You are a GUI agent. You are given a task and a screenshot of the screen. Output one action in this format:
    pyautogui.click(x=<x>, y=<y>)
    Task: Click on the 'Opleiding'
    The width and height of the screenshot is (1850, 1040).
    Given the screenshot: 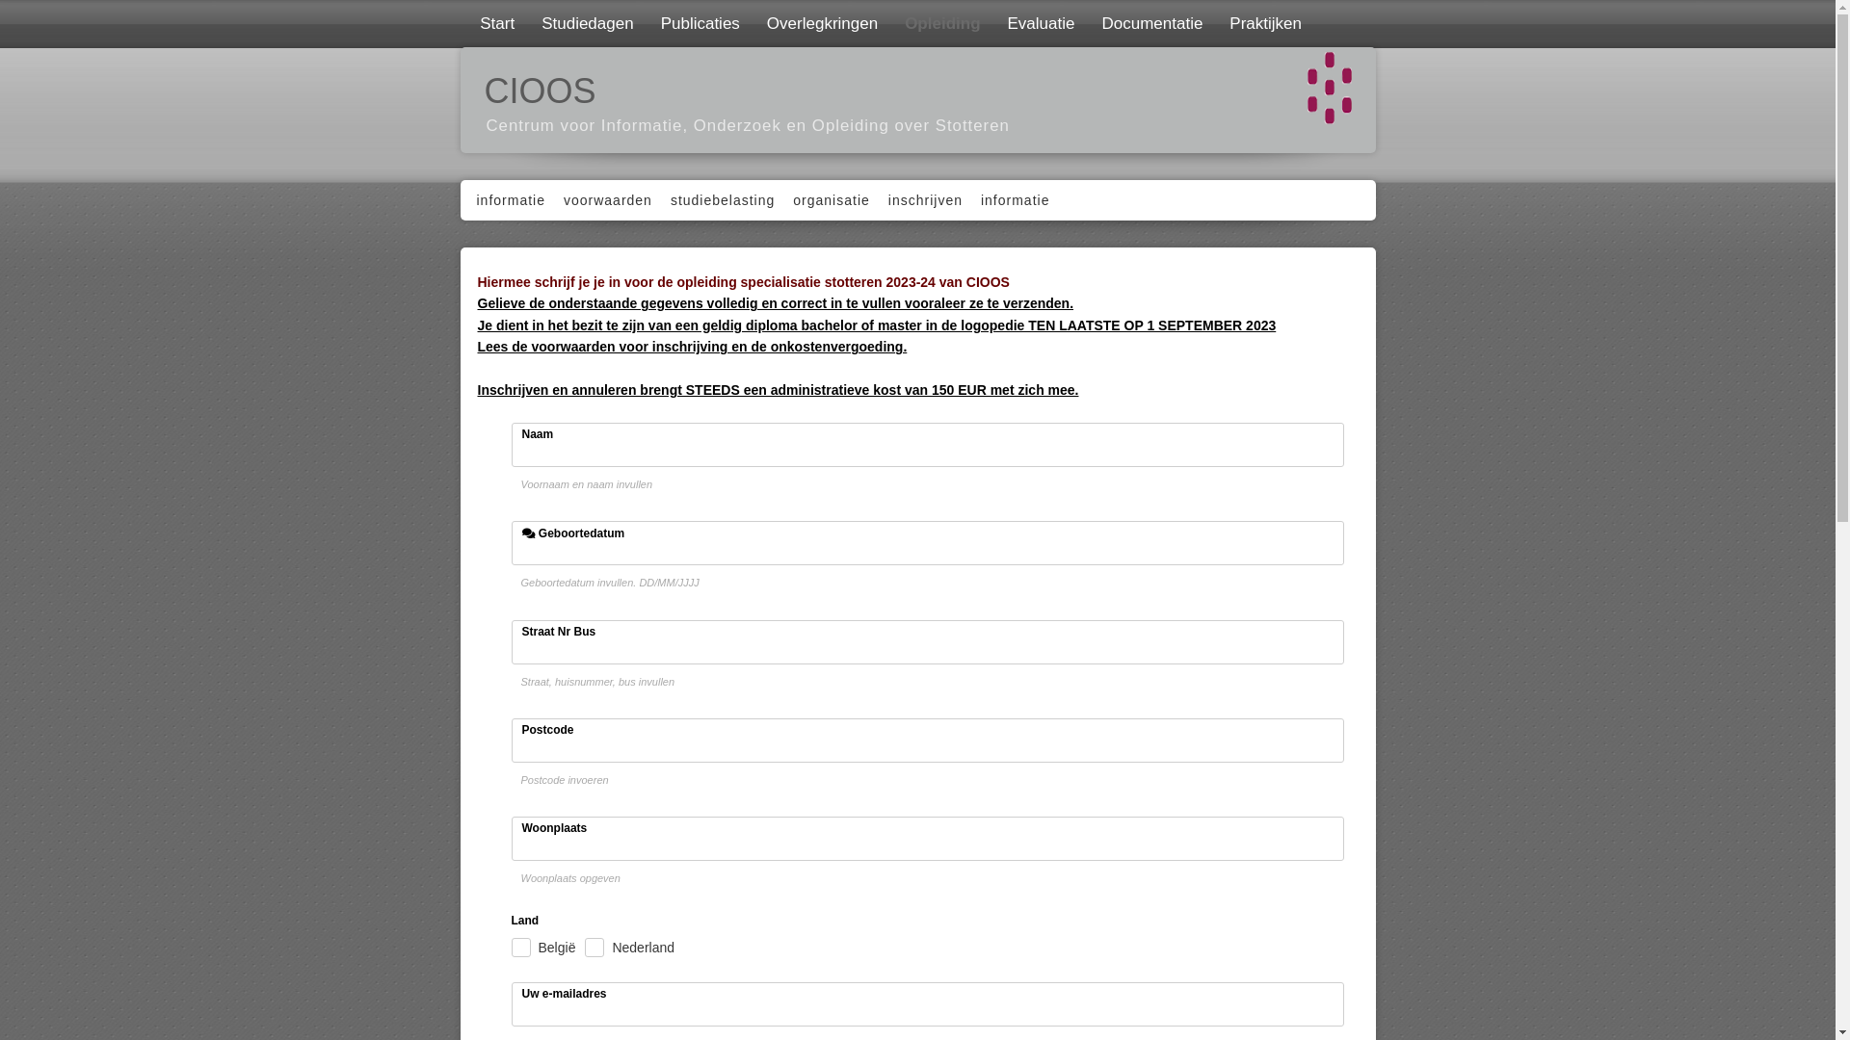 What is the action you would take?
    pyautogui.click(x=939, y=23)
    